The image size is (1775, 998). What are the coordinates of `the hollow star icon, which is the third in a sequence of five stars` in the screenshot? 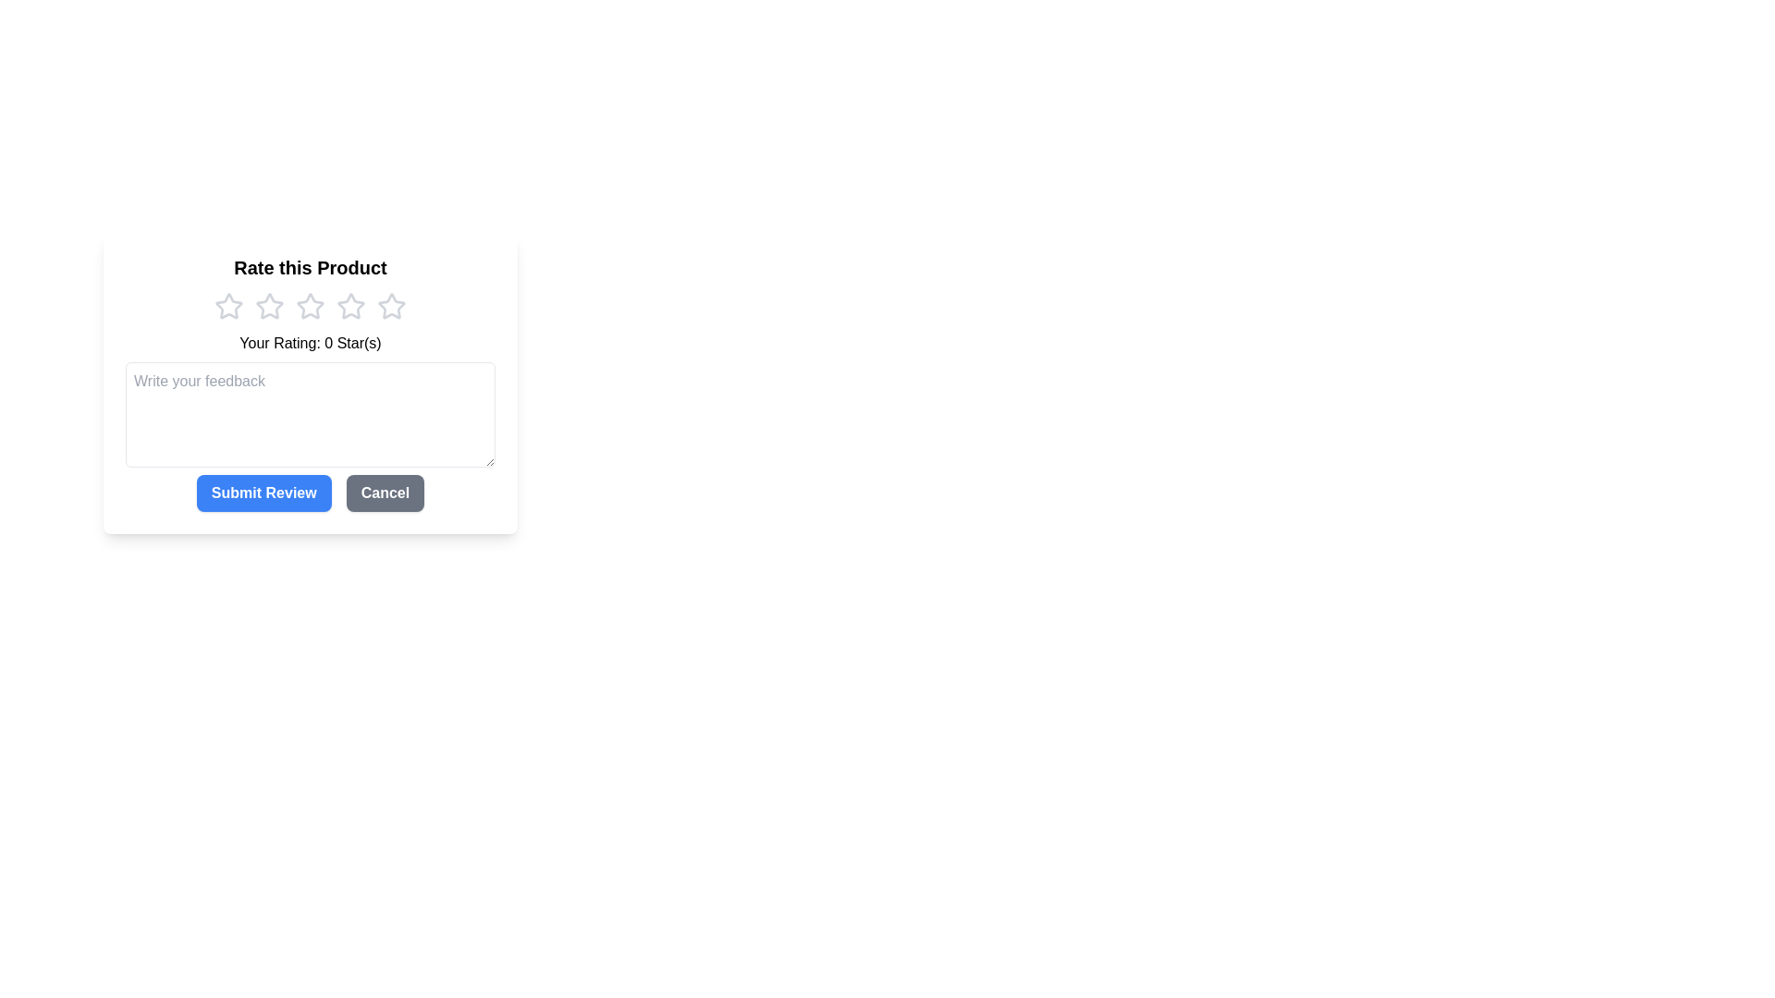 It's located at (350, 305).